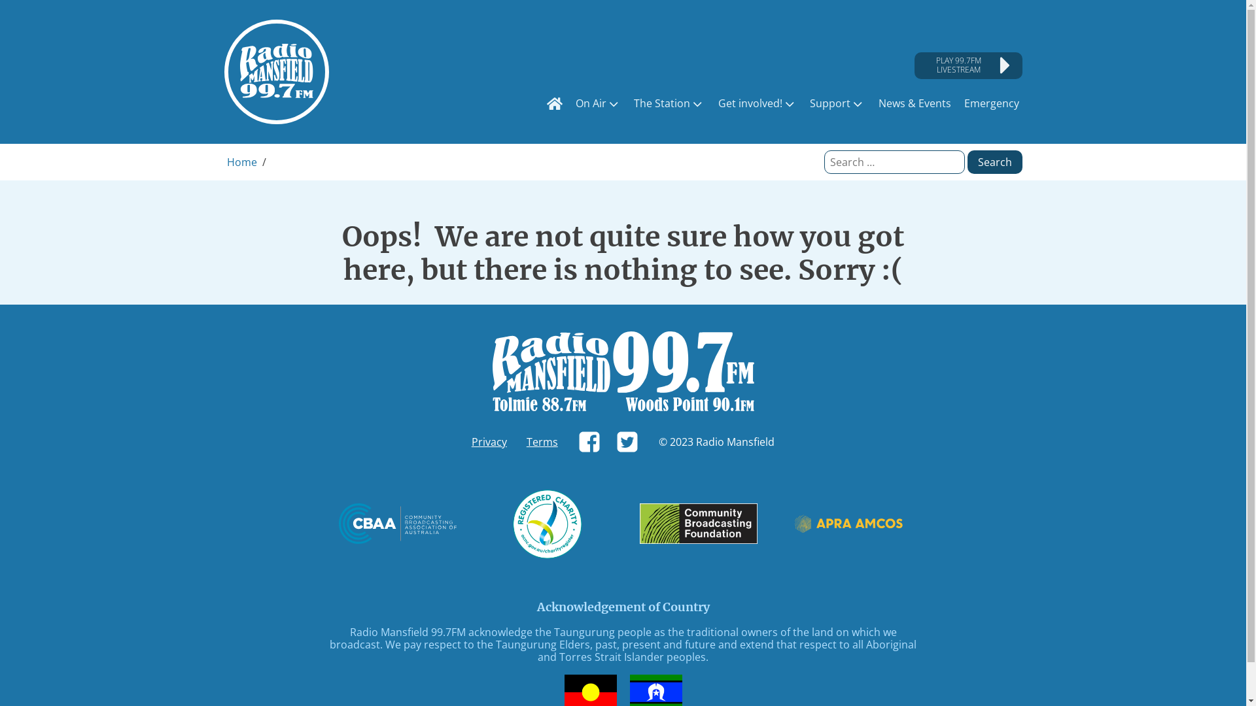  Describe the element at coordinates (837, 103) in the screenshot. I see `'Support'` at that location.